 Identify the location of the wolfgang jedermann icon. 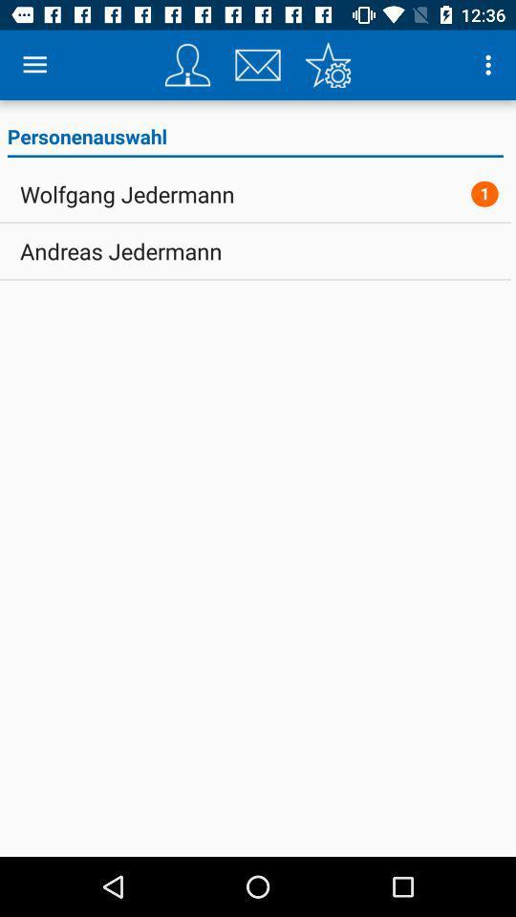
(127, 194).